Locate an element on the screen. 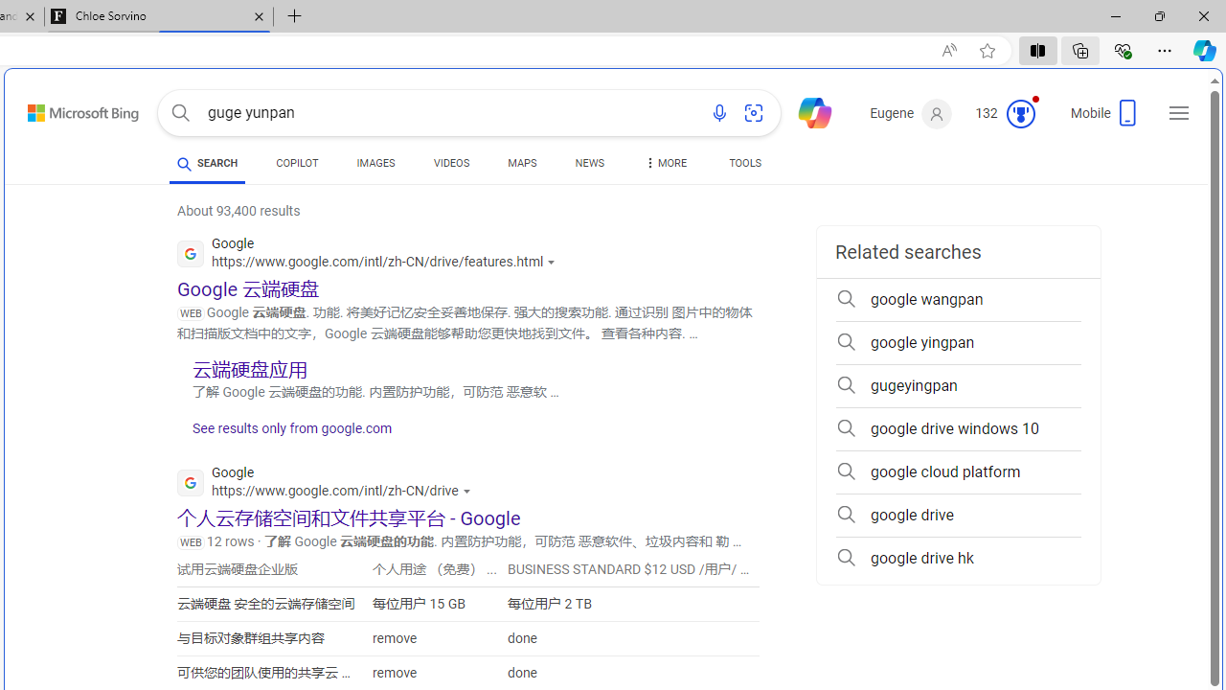 The height and width of the screenshot is (690, 1226). 'Mobile' is located at coordinates (1106, 119).